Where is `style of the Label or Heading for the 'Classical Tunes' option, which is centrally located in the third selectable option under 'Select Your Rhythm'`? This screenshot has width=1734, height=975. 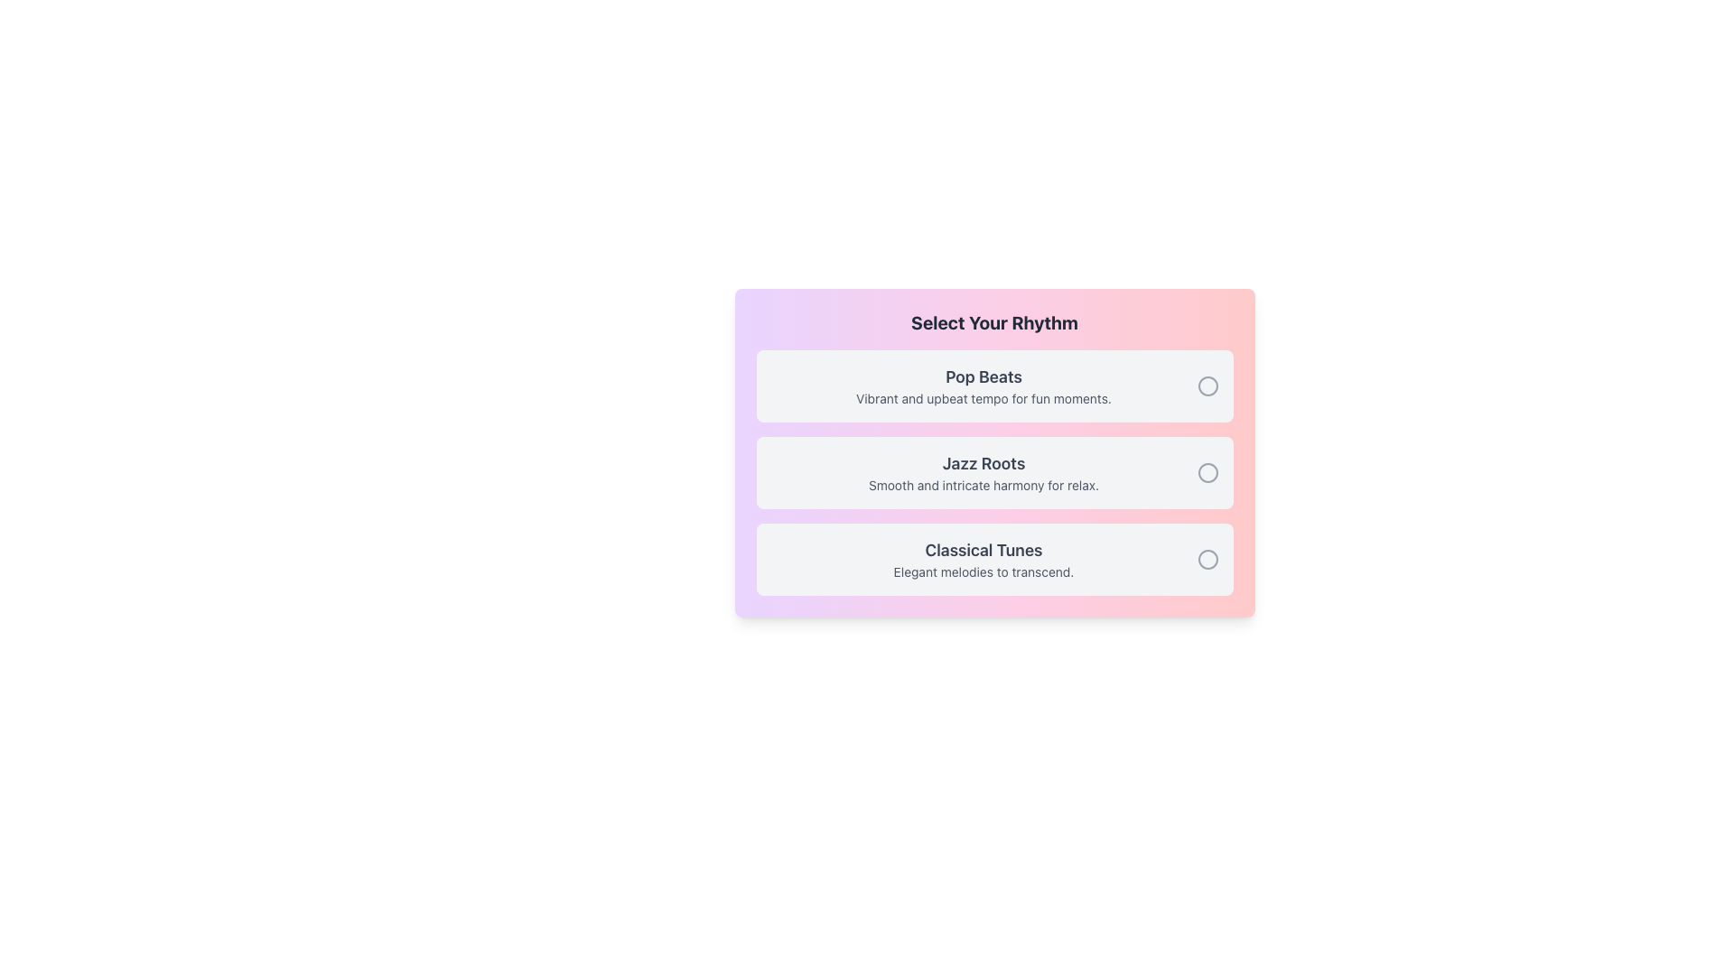 style of the Label or Heading for the 'Classical Tunes' option, which is centrally located in the third selectable option under 'Select Your Rhythm' is located at coordinates (983, 549).